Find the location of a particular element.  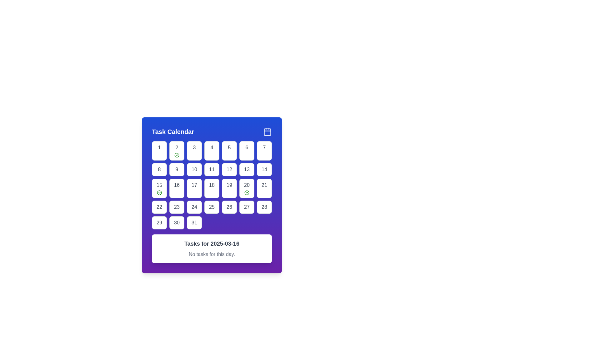

the date '4' within the calendar interface, which is the fourth item in the first visible row of the calendar is located at coordinates (212, 147).